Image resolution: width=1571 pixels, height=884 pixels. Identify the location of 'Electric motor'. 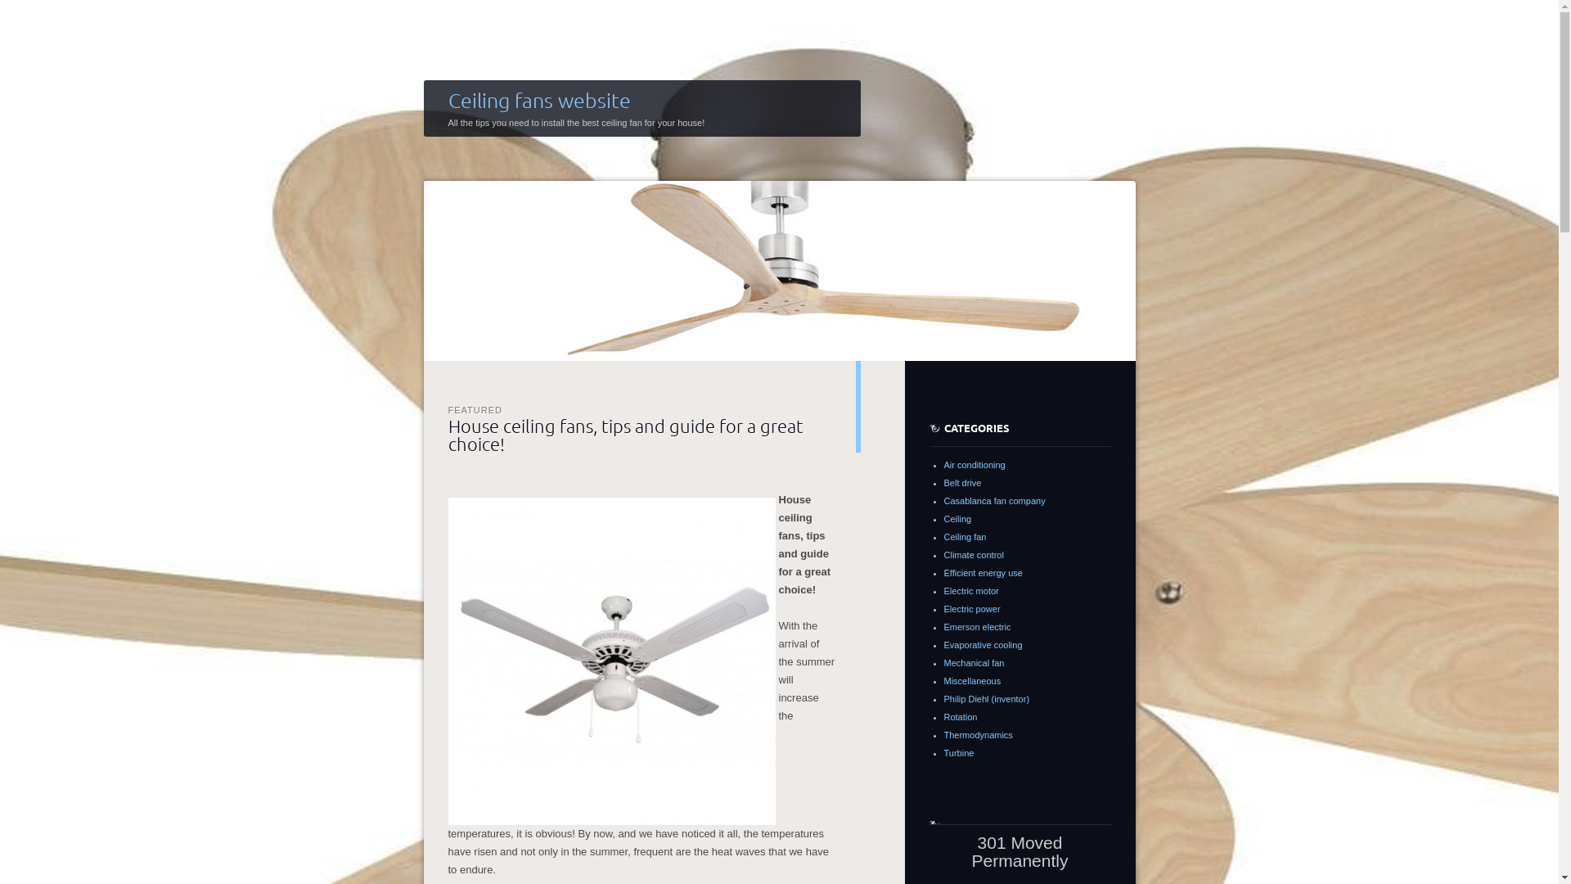
(971, 590).